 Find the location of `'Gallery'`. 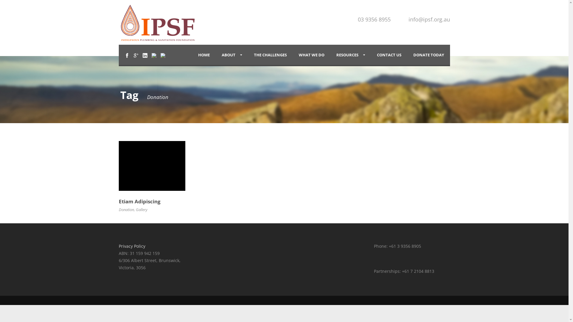

'Gallery' is located at coordinates (141, 209).